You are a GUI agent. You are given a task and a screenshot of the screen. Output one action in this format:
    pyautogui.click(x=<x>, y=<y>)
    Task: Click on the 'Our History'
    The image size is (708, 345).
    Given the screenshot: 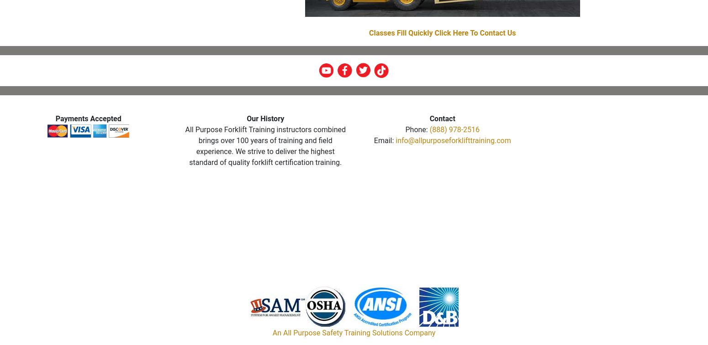 What is the action you would take?
    pyautogui.click(x=265, y=118)
    